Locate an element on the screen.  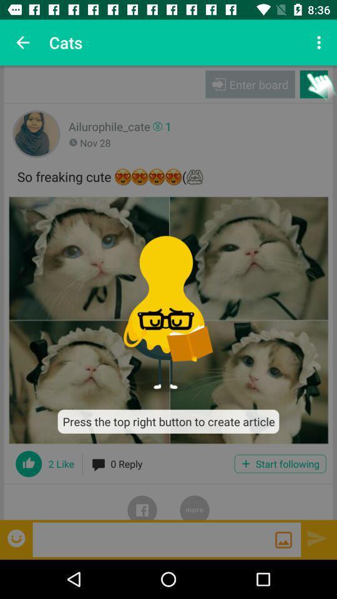
so freaking cute icon is located at coordinates (168, 174).